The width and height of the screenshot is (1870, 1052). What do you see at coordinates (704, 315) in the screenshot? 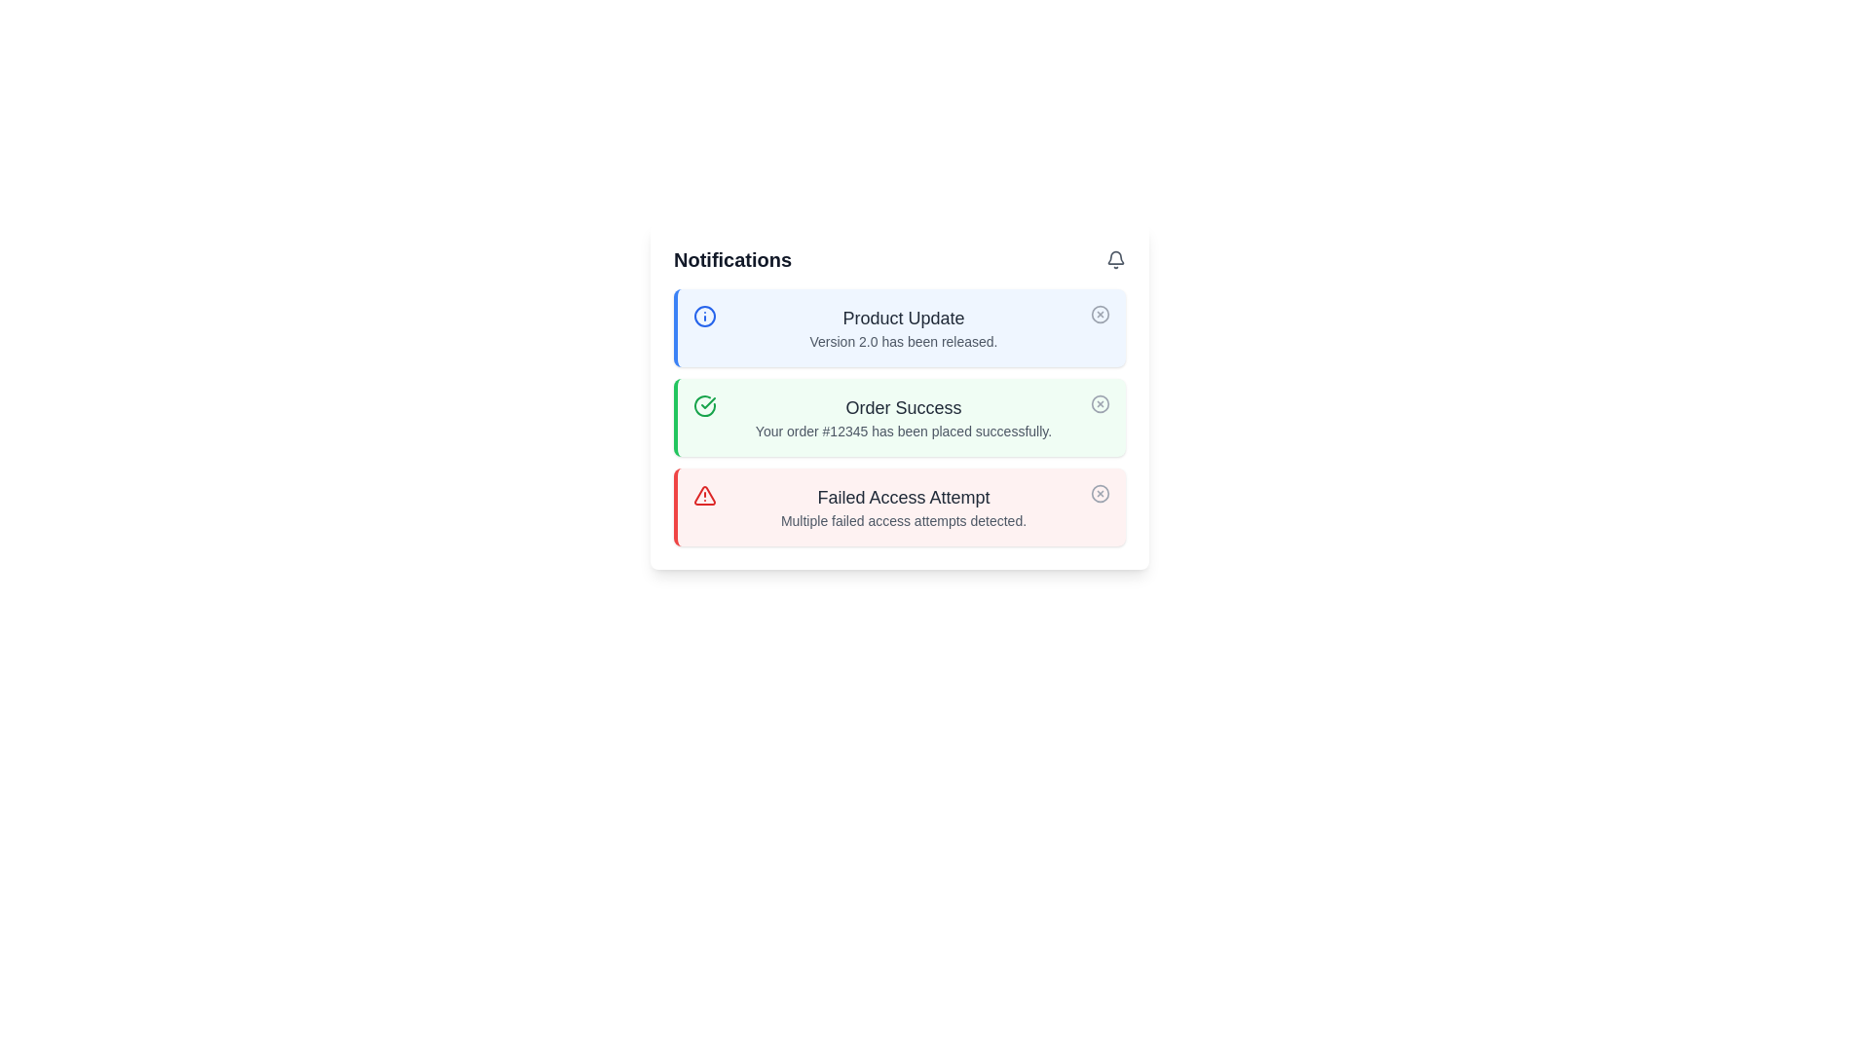
I see `the circular 'info' icon with a blue outline located inside the 'Product Update' notification card at the top of the list` at bounding box center [704, 315].